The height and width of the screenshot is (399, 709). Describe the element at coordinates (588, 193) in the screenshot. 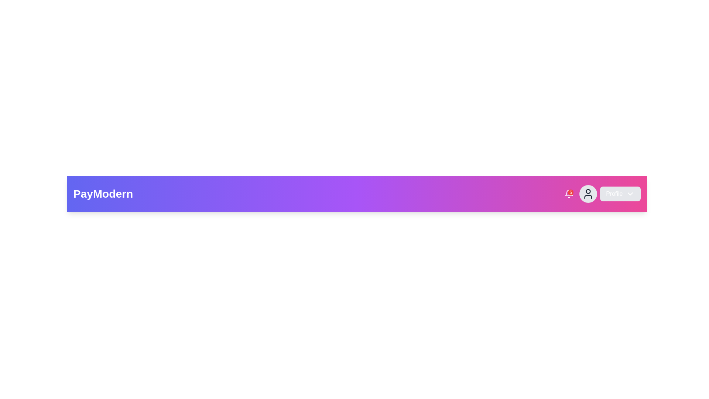

I see `the user profile icon located at the top-right corner of the user interface` at that location.